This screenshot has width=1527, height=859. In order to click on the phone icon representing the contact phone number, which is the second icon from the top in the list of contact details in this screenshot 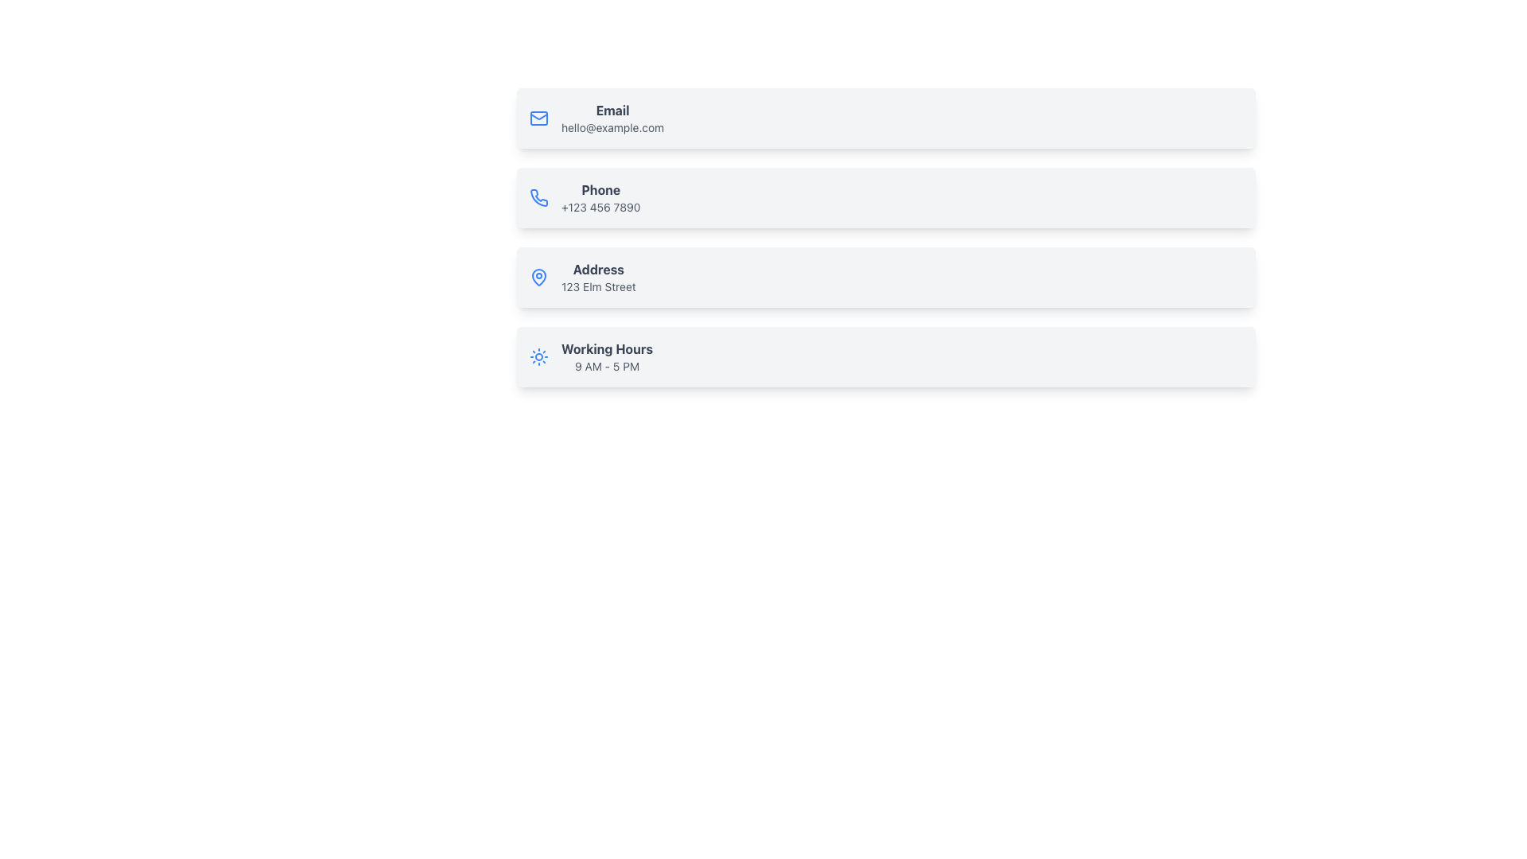, I will do `click(539, 196)`.